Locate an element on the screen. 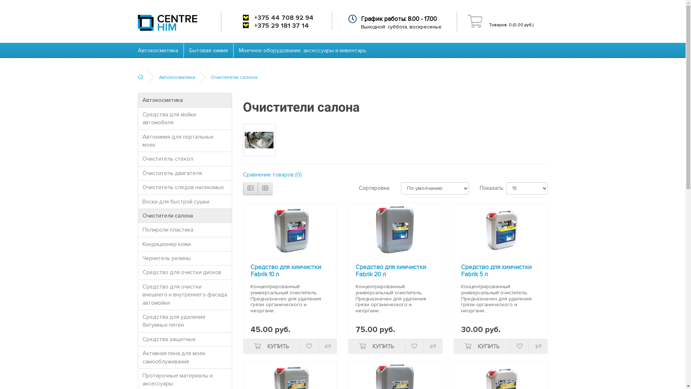 The width and height of the screenshot is (691, 389). '+375 44 708 92 94' is located at coordinates (283, 17).